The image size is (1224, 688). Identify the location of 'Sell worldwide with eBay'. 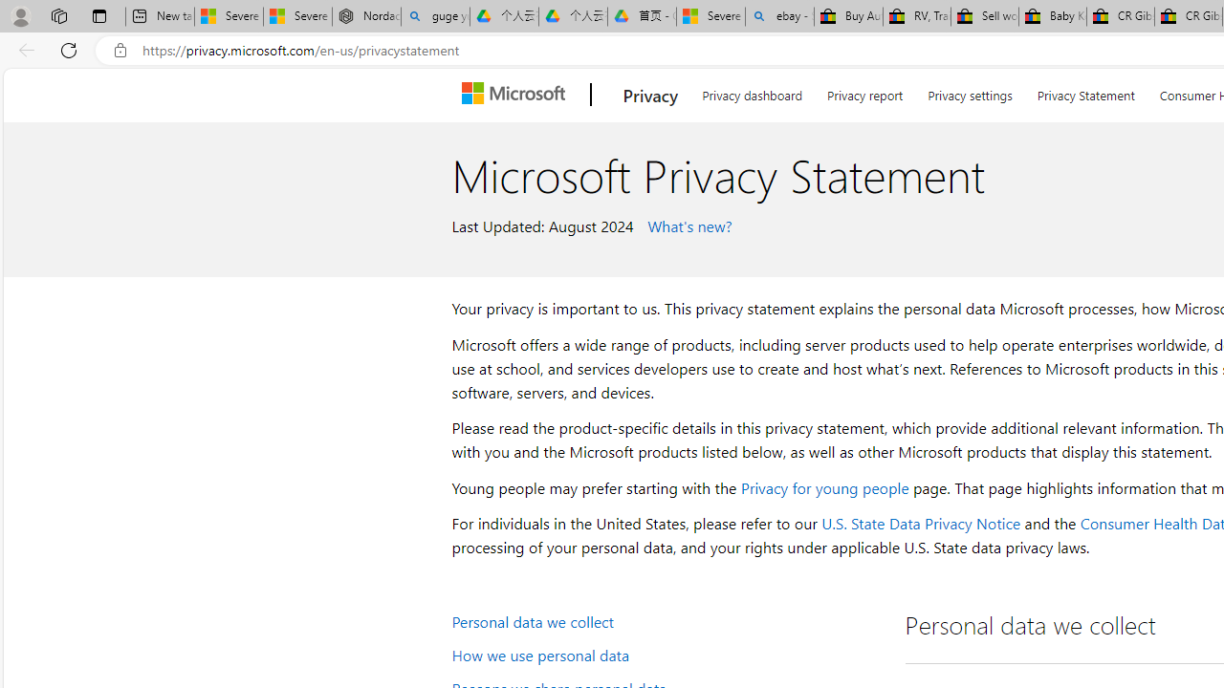
(984, 16).